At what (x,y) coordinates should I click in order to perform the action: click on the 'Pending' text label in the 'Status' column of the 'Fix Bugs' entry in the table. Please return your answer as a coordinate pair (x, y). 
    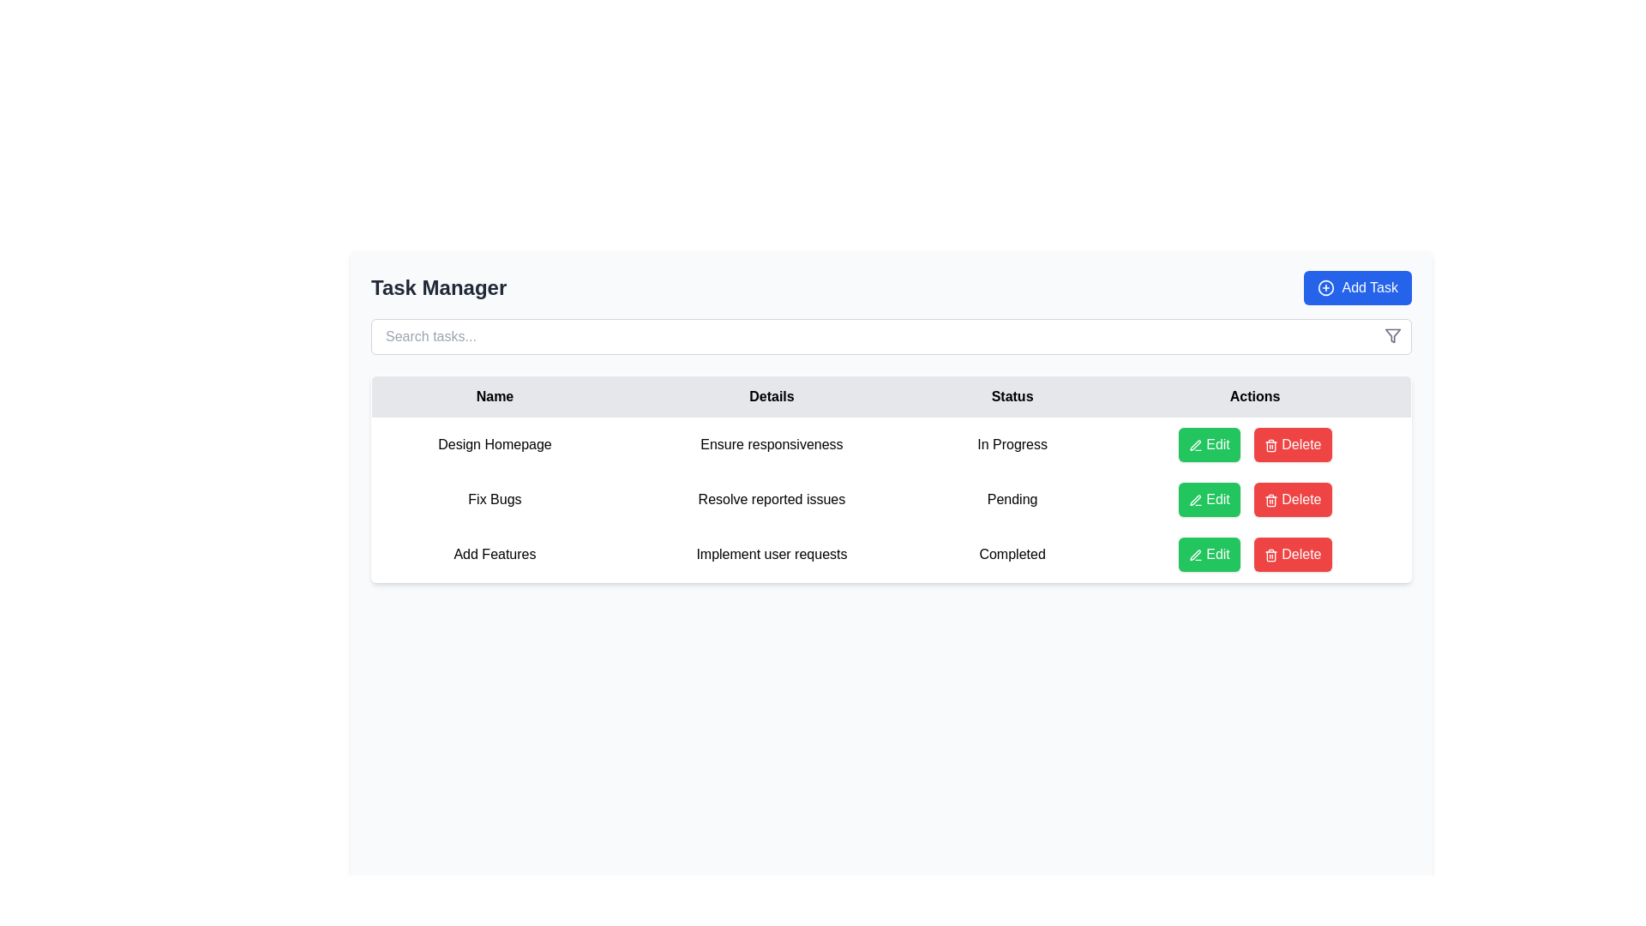
    Looking at the image, I should click on (1012, 499).